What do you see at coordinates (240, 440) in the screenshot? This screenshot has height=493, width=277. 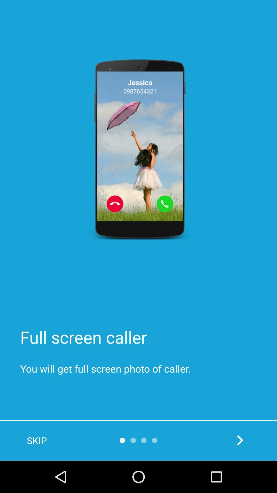 I see `the icon at the bottom right corner` at bounding box center [240, 440].